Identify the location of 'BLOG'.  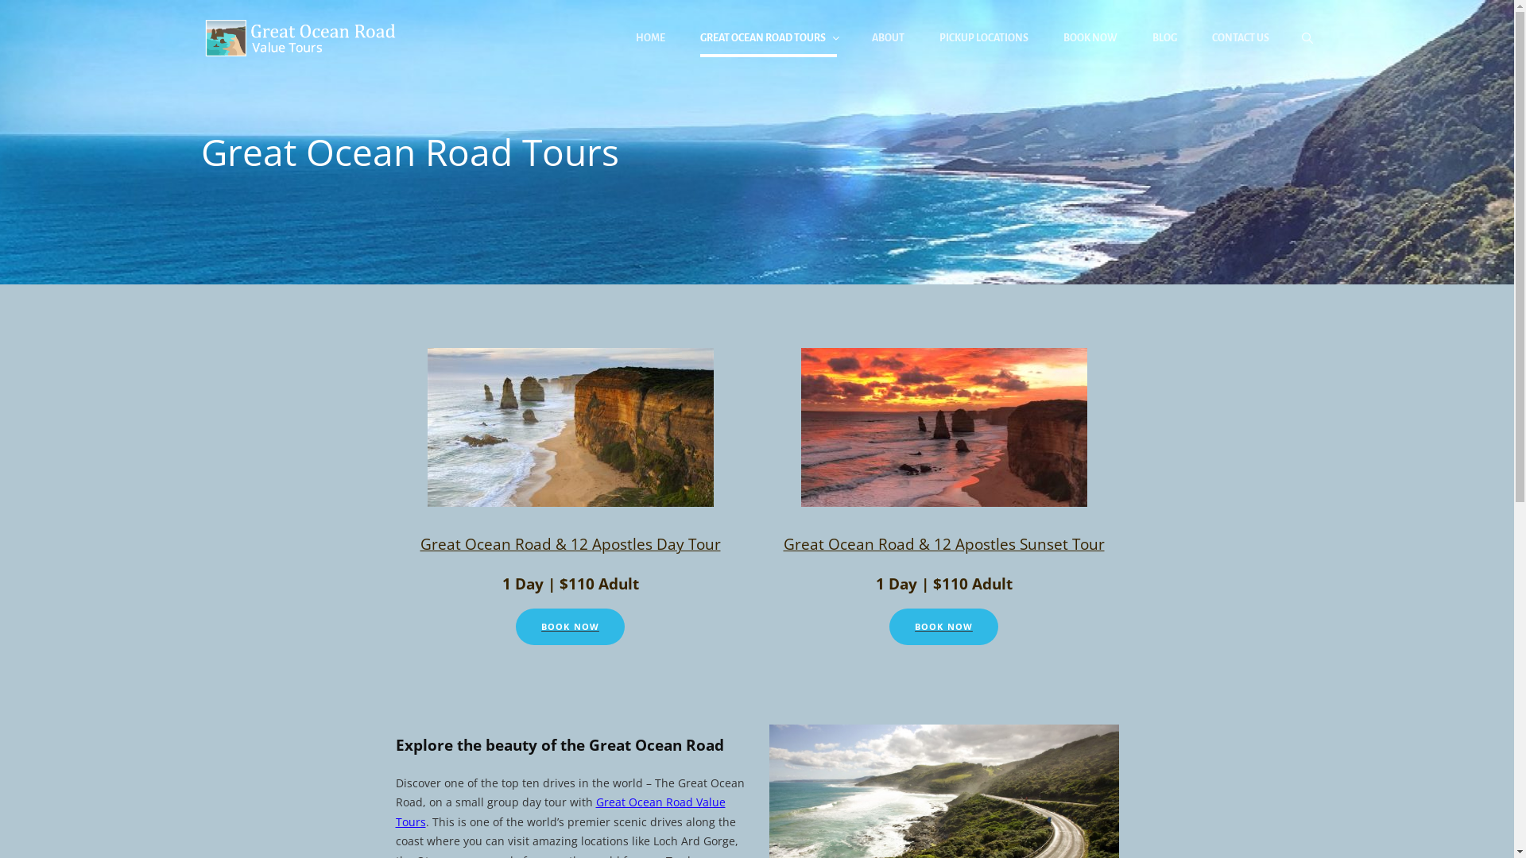
(1164, 37).